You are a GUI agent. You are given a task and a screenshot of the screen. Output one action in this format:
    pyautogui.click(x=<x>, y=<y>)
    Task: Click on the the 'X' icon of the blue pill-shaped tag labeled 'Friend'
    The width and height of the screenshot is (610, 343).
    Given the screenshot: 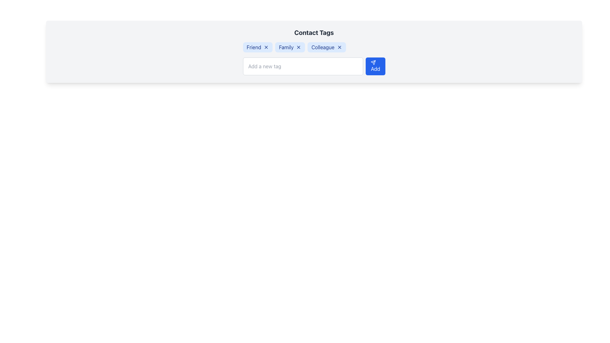 What is the action you would take?
    pyautogui.click(x=258, y=47)
    